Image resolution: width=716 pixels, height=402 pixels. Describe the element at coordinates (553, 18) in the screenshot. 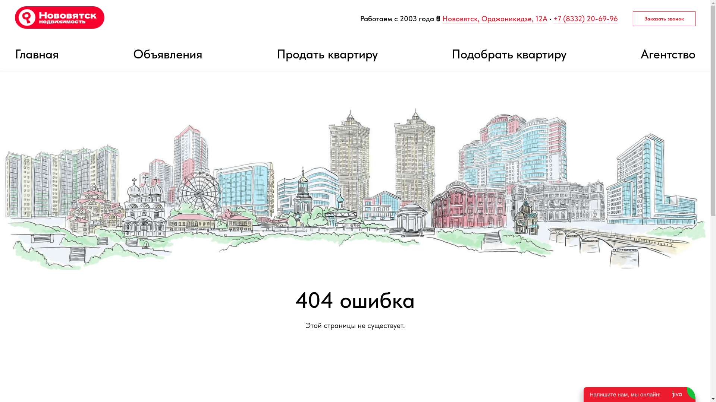

I see `'+7 (8332) 20-69-96'` at that location.